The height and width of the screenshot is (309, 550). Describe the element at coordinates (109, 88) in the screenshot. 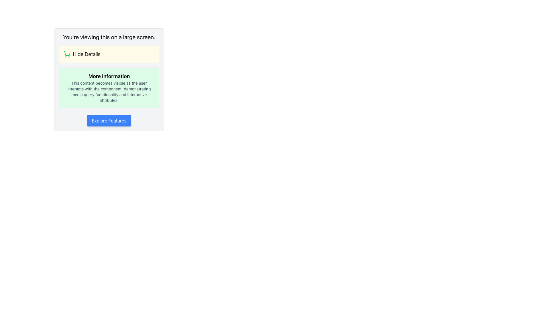

I see `the Informational content block that features a light green background and a bold title 'More Information'` at that location.